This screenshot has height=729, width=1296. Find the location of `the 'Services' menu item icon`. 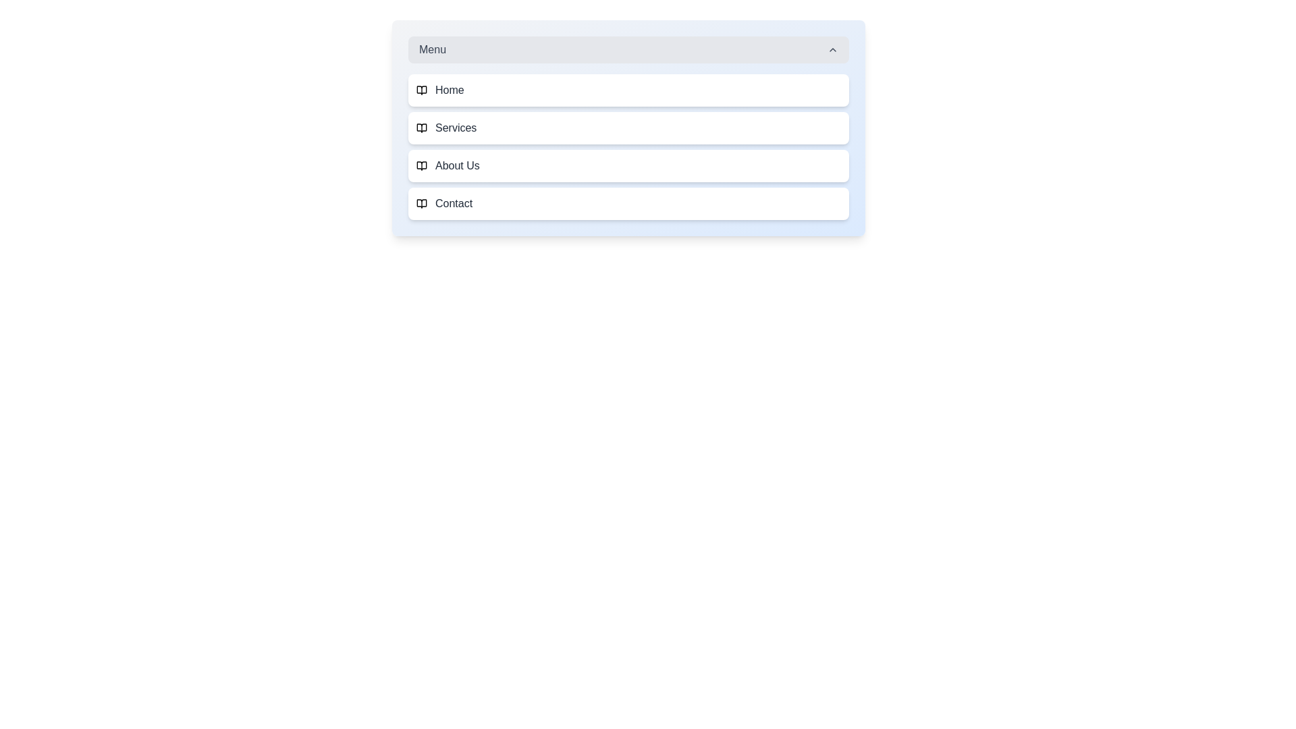

the 'Services' menu item icon is located at coordinates (421, 128).